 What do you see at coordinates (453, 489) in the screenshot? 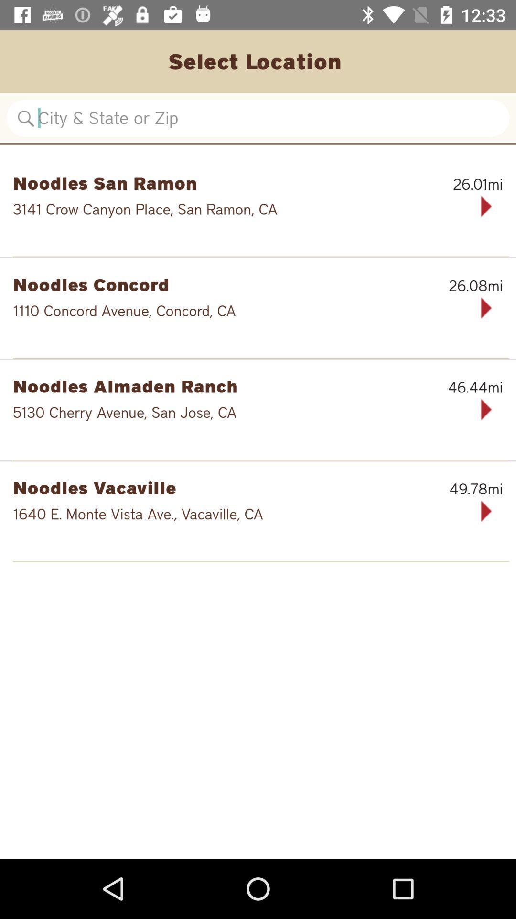
I see `item next to noodles vacaville` at bounding box center [453, 489].